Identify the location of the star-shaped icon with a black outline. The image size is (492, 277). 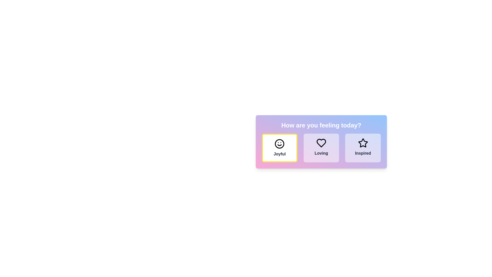
(363, 143).